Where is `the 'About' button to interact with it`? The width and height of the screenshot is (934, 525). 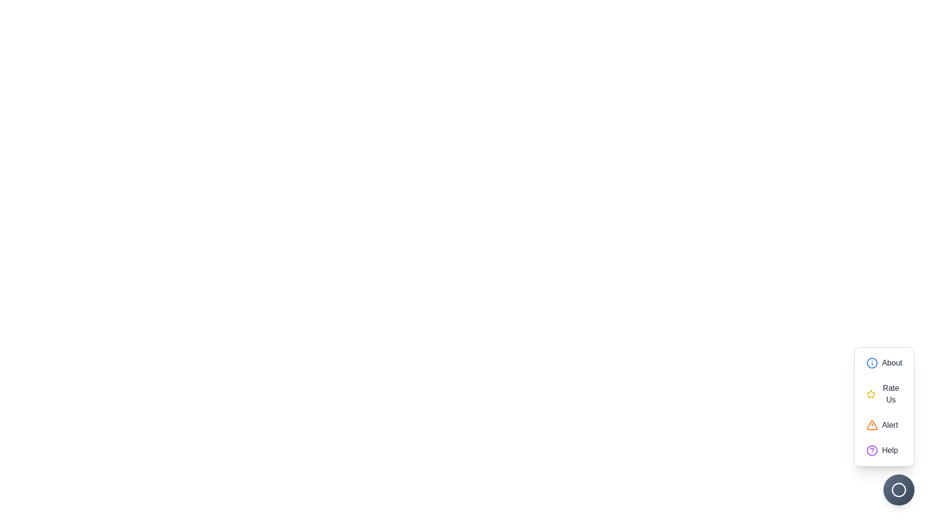 the 'About' button to interact with it is located at coordinates (884, 363).